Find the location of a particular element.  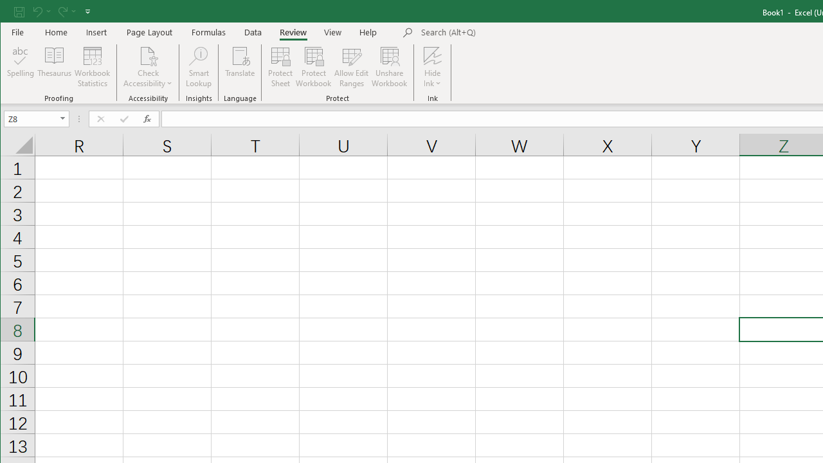

'Protect Sheet...' is located at coordinates (280, 67).